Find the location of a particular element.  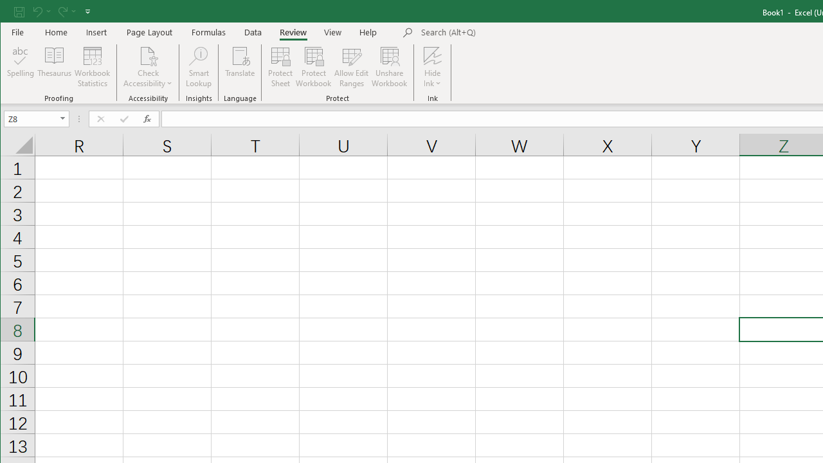

'Protect Sheet...' is located at coordinates (280, 67).